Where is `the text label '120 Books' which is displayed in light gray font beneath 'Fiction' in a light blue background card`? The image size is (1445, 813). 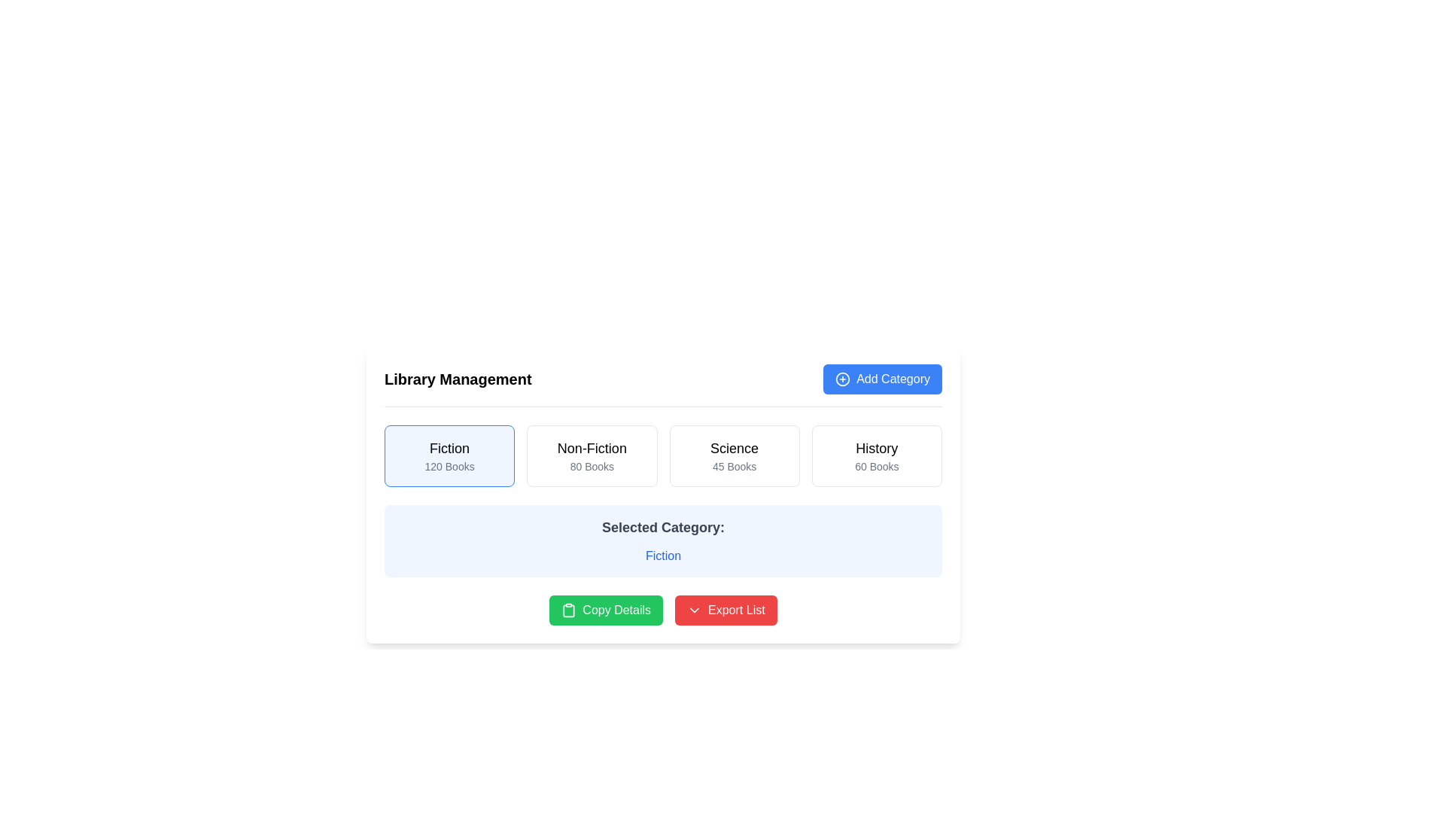
the text label '120 Books' which is displayed in light gray font beneath 'Fiction' in a light blue background card is located at coordinates (449, 466).